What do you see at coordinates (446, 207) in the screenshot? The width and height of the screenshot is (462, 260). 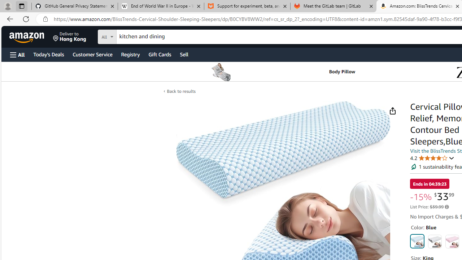 I see `'Learn more about Amazon pricing and savings'` at bounding box center [446, 207].